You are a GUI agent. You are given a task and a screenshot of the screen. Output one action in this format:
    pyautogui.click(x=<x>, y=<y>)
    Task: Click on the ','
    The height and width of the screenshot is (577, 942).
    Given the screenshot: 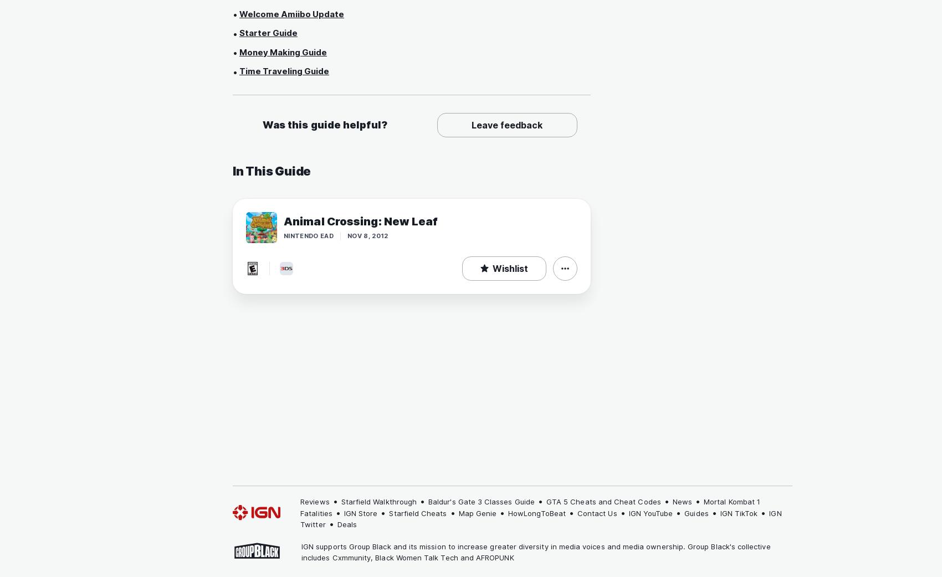 What is the action you would take?
    pyautogui.click(x=371, y=557)
    